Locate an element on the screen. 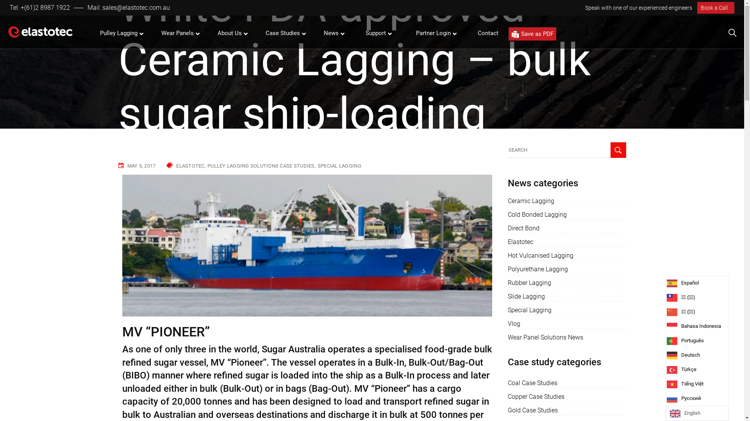 The height and width of the screenshot is (421, 750). 'Copper Case Studies' is located at coordinates (508, 397).